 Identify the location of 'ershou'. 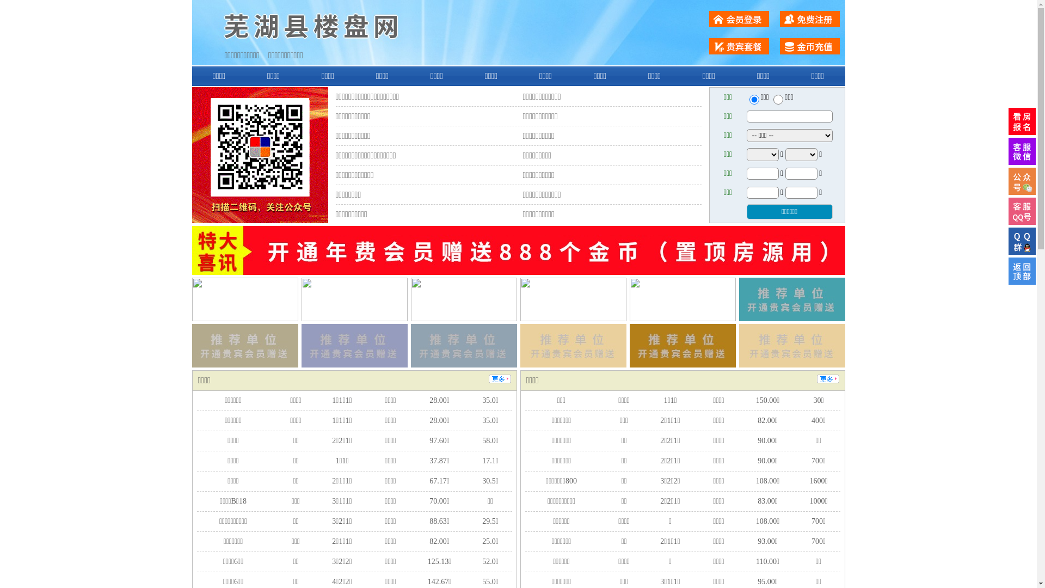
(753, 99).